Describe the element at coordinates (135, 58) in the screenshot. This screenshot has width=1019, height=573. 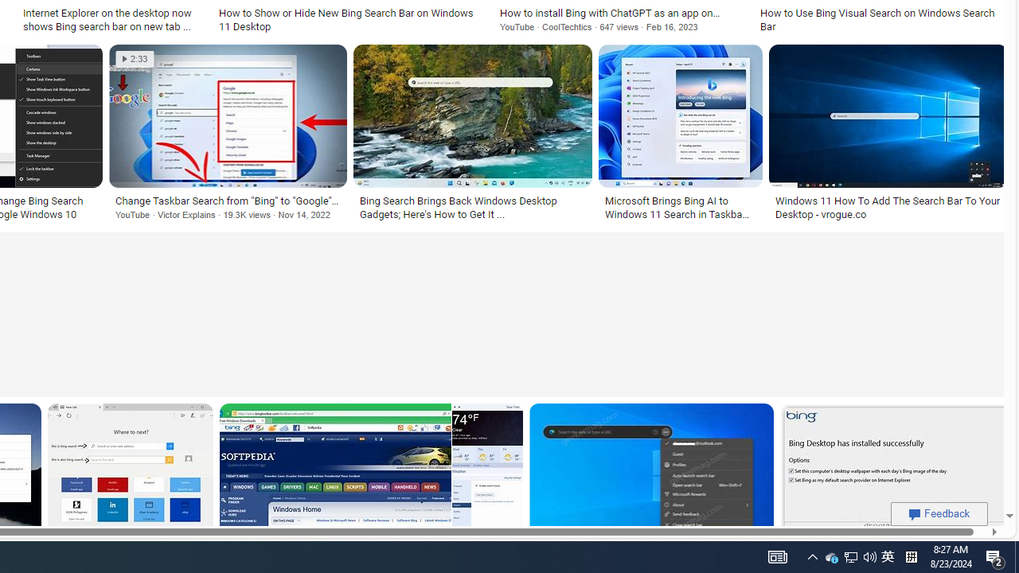
I see `'2:33'` at that location.